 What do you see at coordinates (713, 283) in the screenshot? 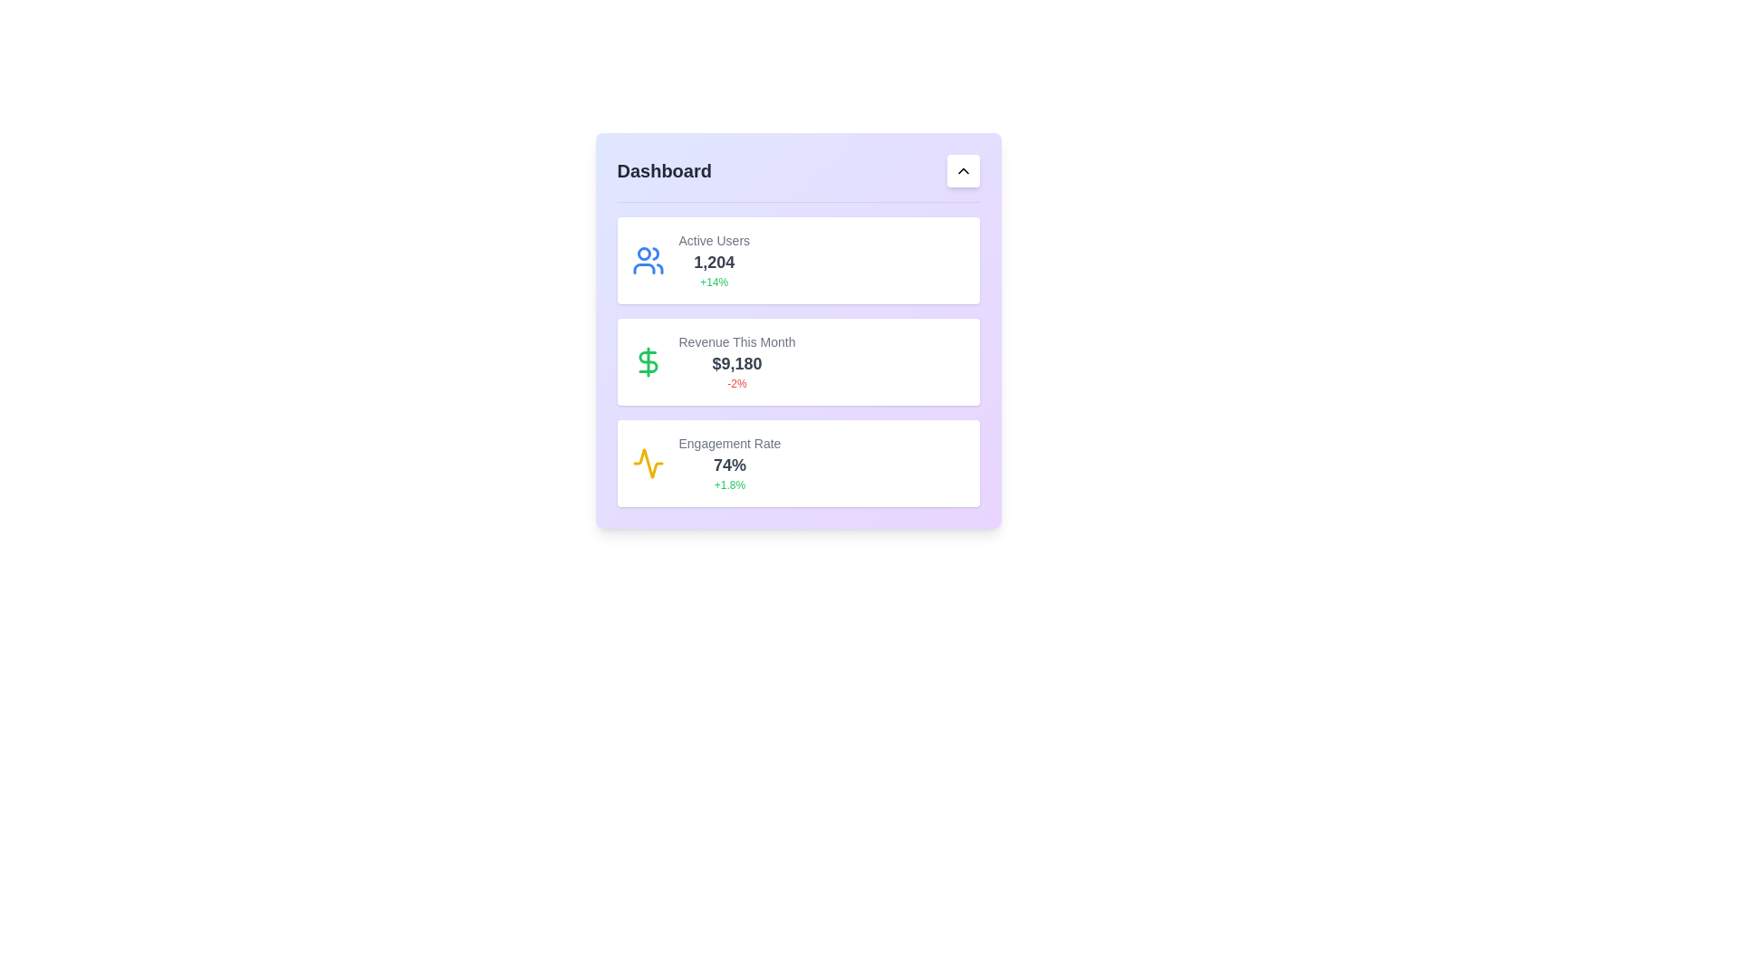
I see `green text label indicating the percentage increase of active users, located beneath the numeric value '1,204' in the 'Active Users' section of the dashboard` at bounding box center [713, 283].